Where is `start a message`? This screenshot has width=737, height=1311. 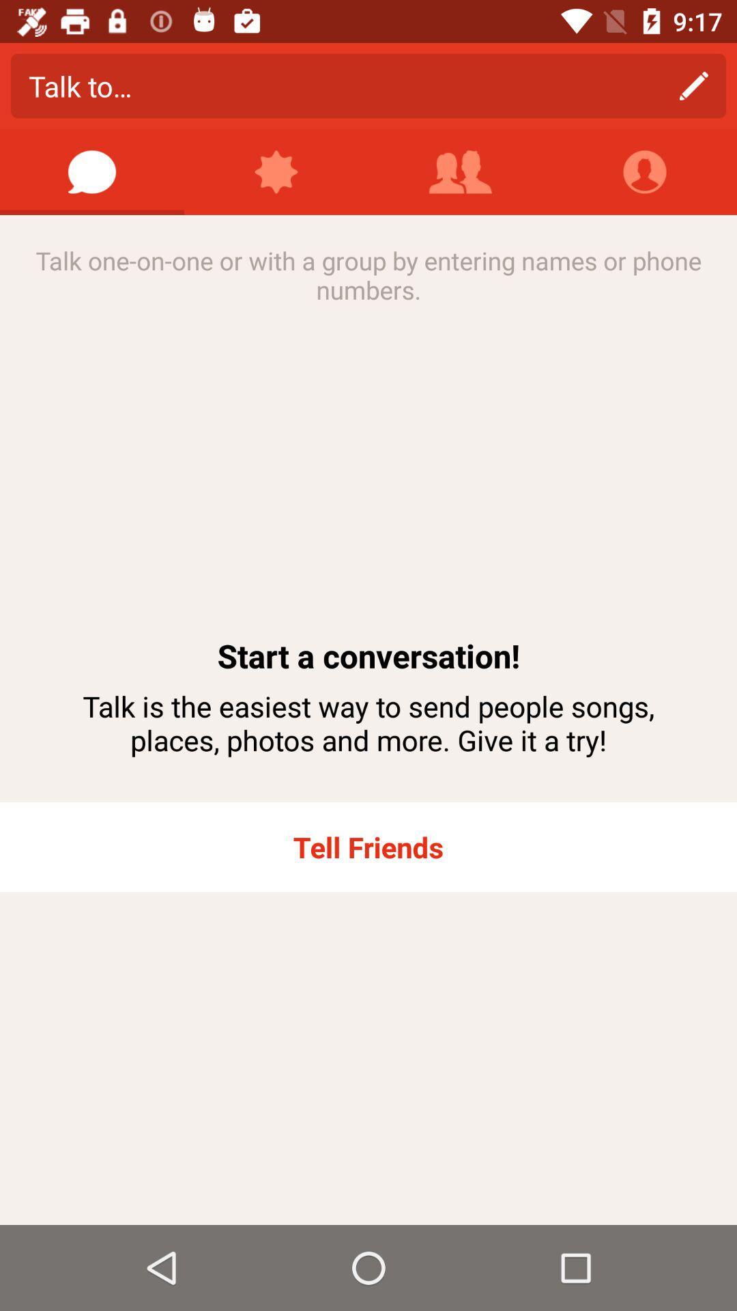 start a message is located at coordinates (92, 171).